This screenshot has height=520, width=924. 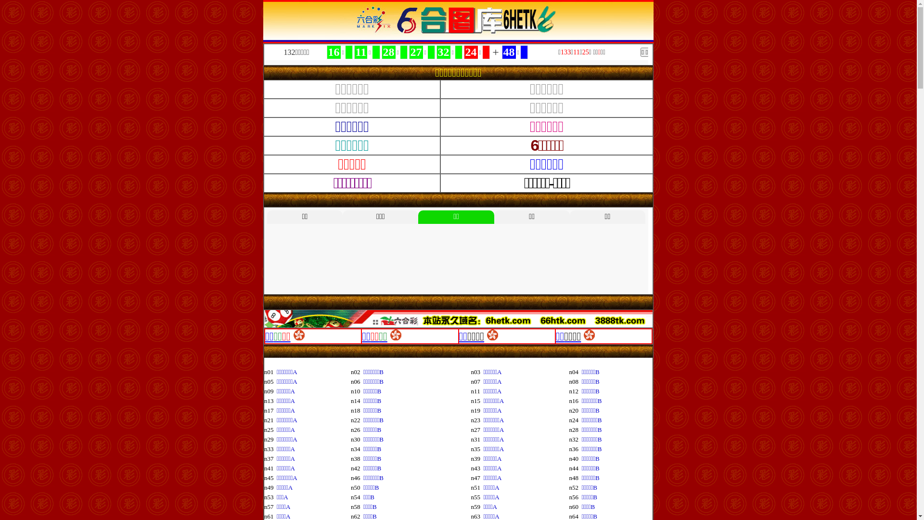 I want to click on 'n51 ', so click(x=471, y=487).